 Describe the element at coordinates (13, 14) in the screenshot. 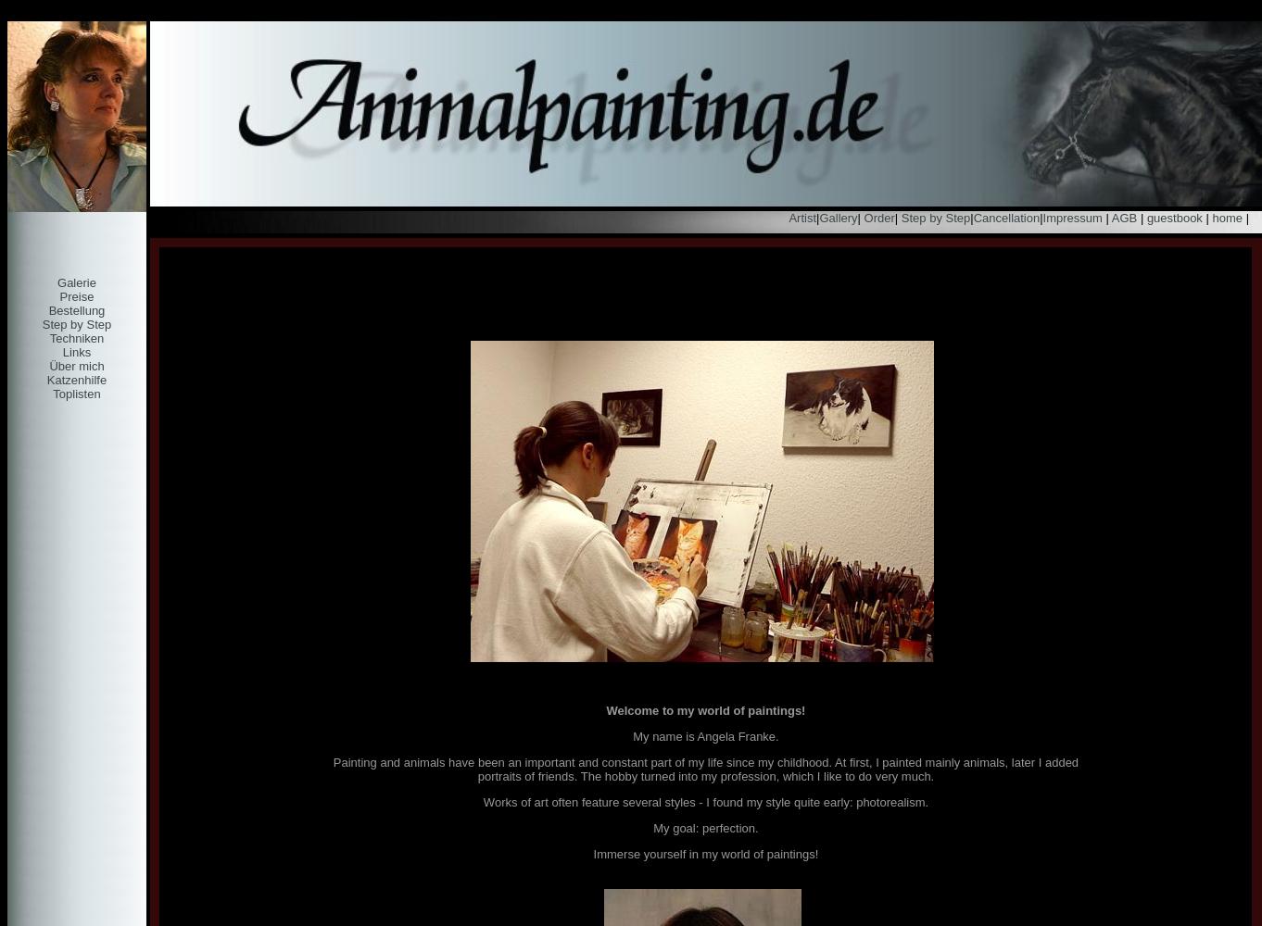

I see `'">'` at that location.